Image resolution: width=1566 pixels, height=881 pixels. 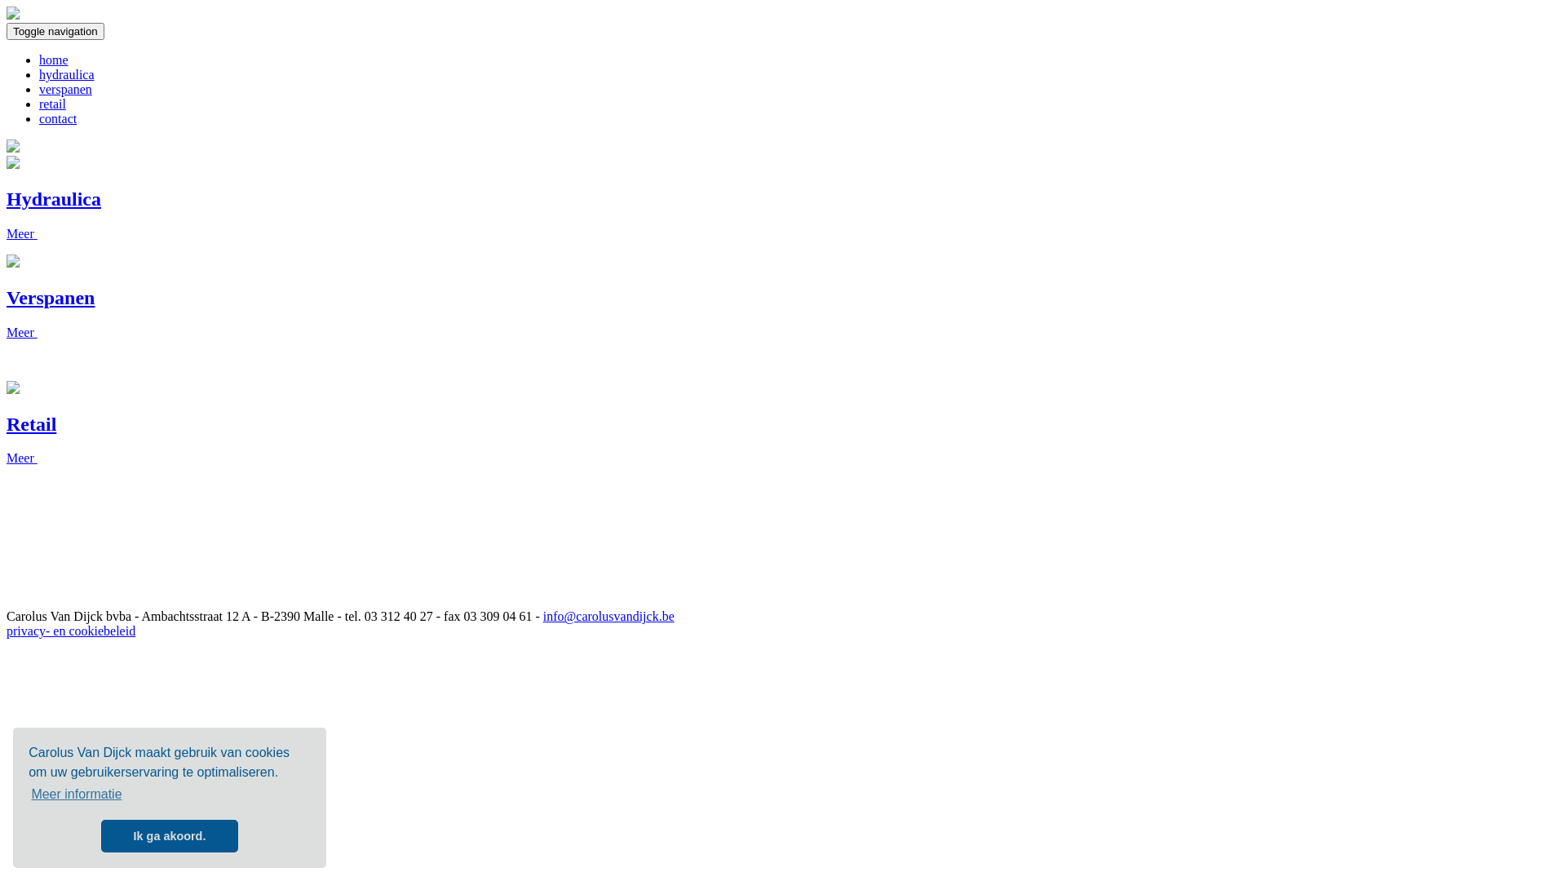 What do you see at coordinates (22, 458) in the screenshot?
I see `'Meer '` at bounding box center [22, 458].